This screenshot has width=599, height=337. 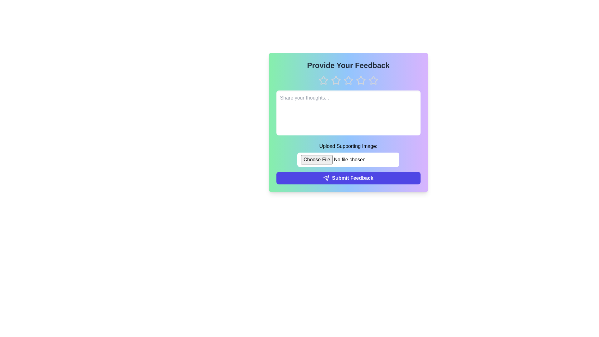 I want to click on and drop a file onto the File input field, which is a rectangular element with a white background and rounded borders, displaying 'Choose File' and 'No file chosen', so click(x=348, y=159).